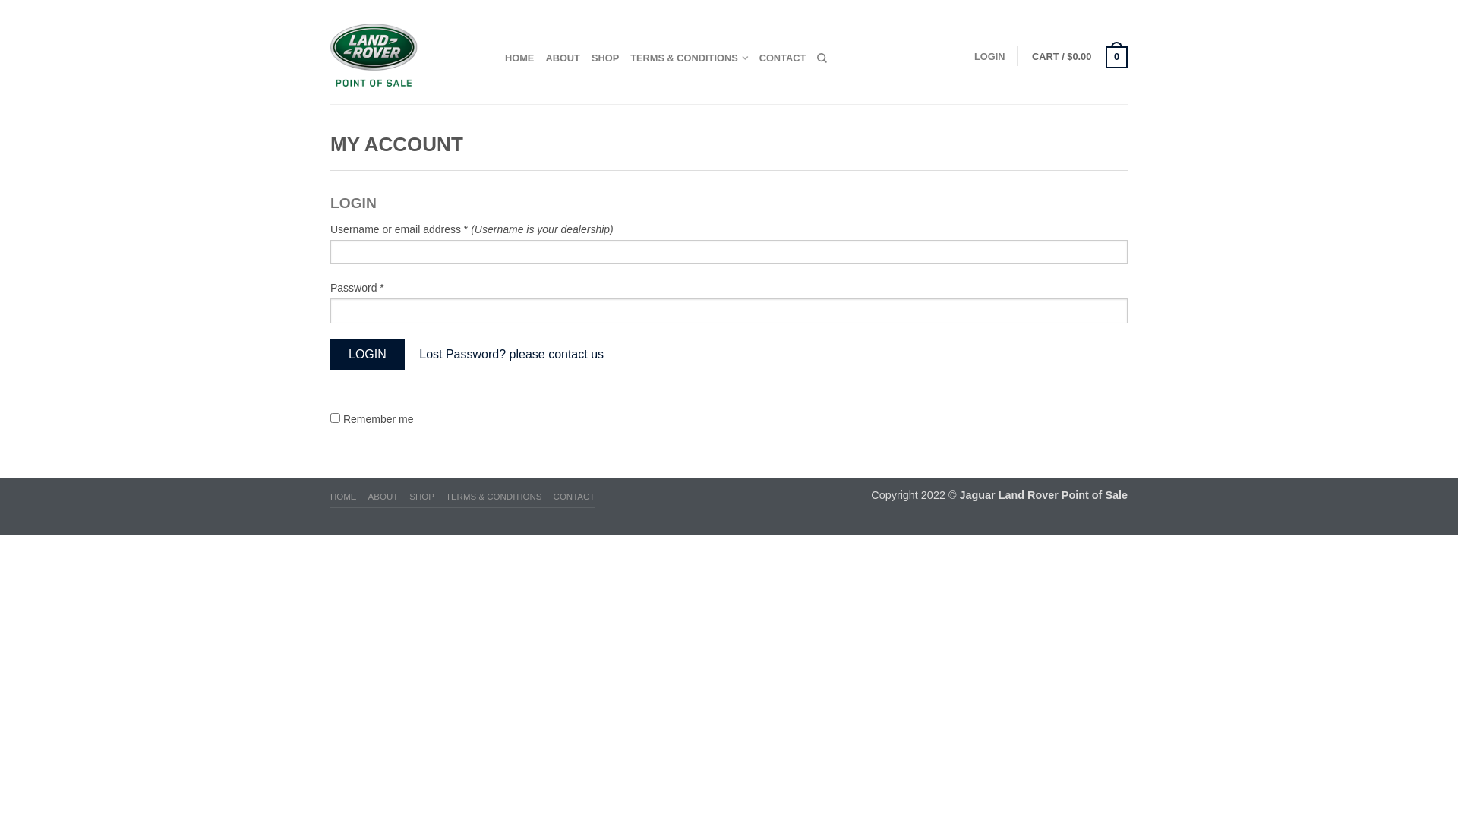 Image resolution: width=1458 pixels, height=820 pixels. I want to click on 'TERMS & CONDITIONS', so click(688, 57).